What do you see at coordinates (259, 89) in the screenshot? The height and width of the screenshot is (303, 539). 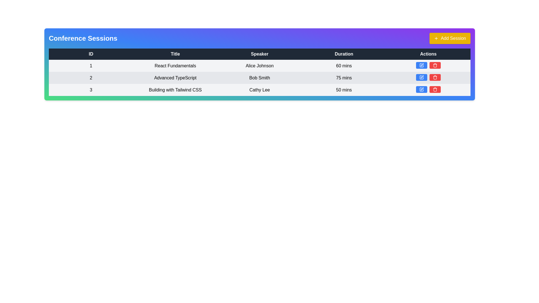 I see `displayed text of the speaker's name located in the third row under the 'Speaker' column of the table` at bounding box center [259, 89].